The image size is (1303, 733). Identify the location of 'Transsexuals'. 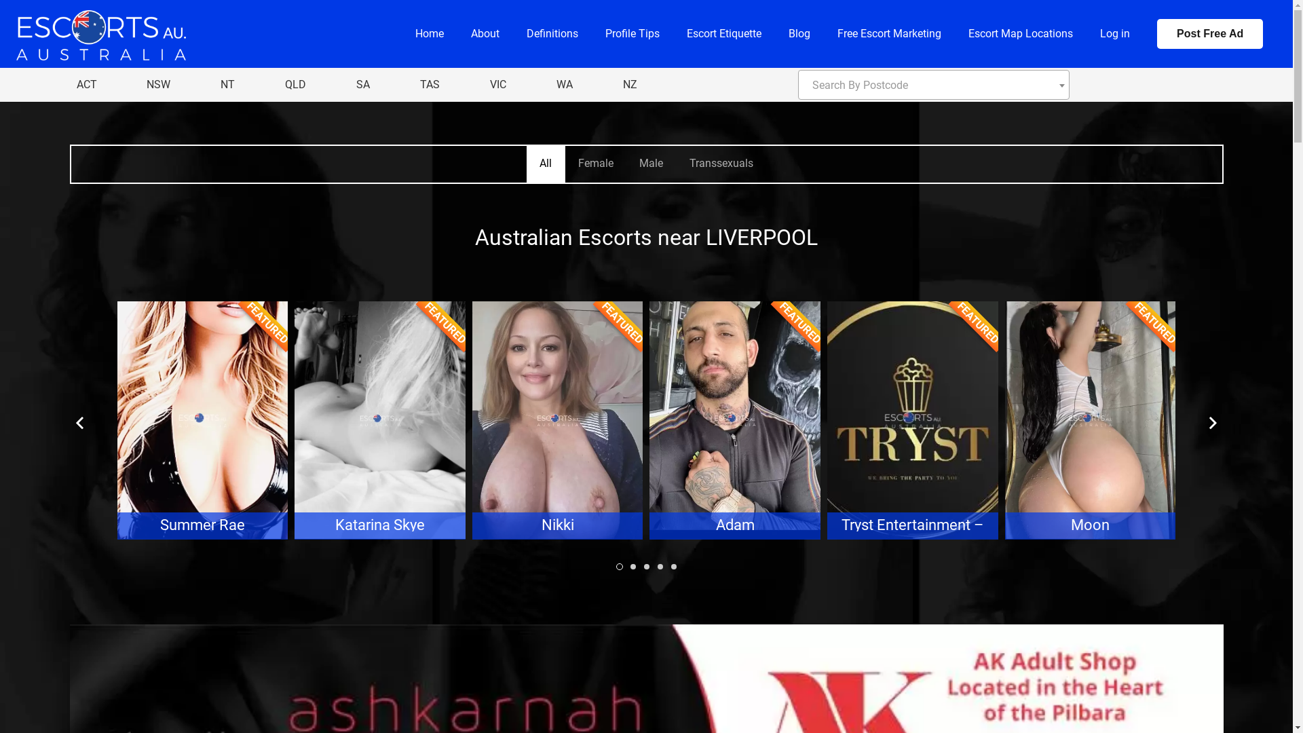
(719, 164).